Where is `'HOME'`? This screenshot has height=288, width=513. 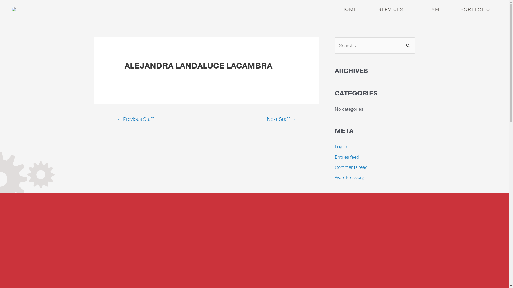
'HOME' is located at coordinates (349, 9).